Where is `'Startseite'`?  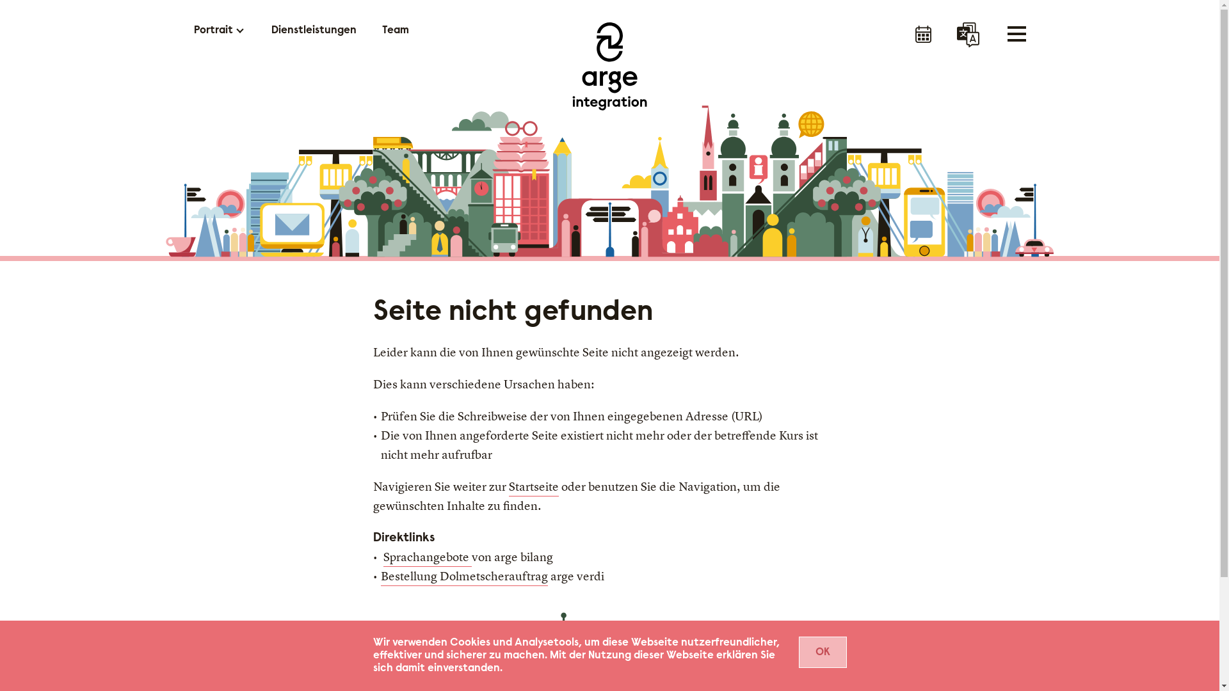 'Startseite' is located at coordinates (533, 488).